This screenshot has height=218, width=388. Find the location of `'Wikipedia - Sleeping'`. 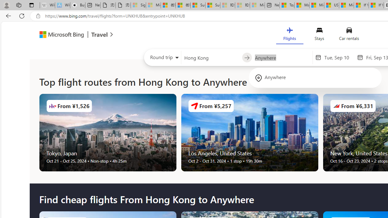

'Wikipedia - Sleeping' is located at coordinates (47, 5).